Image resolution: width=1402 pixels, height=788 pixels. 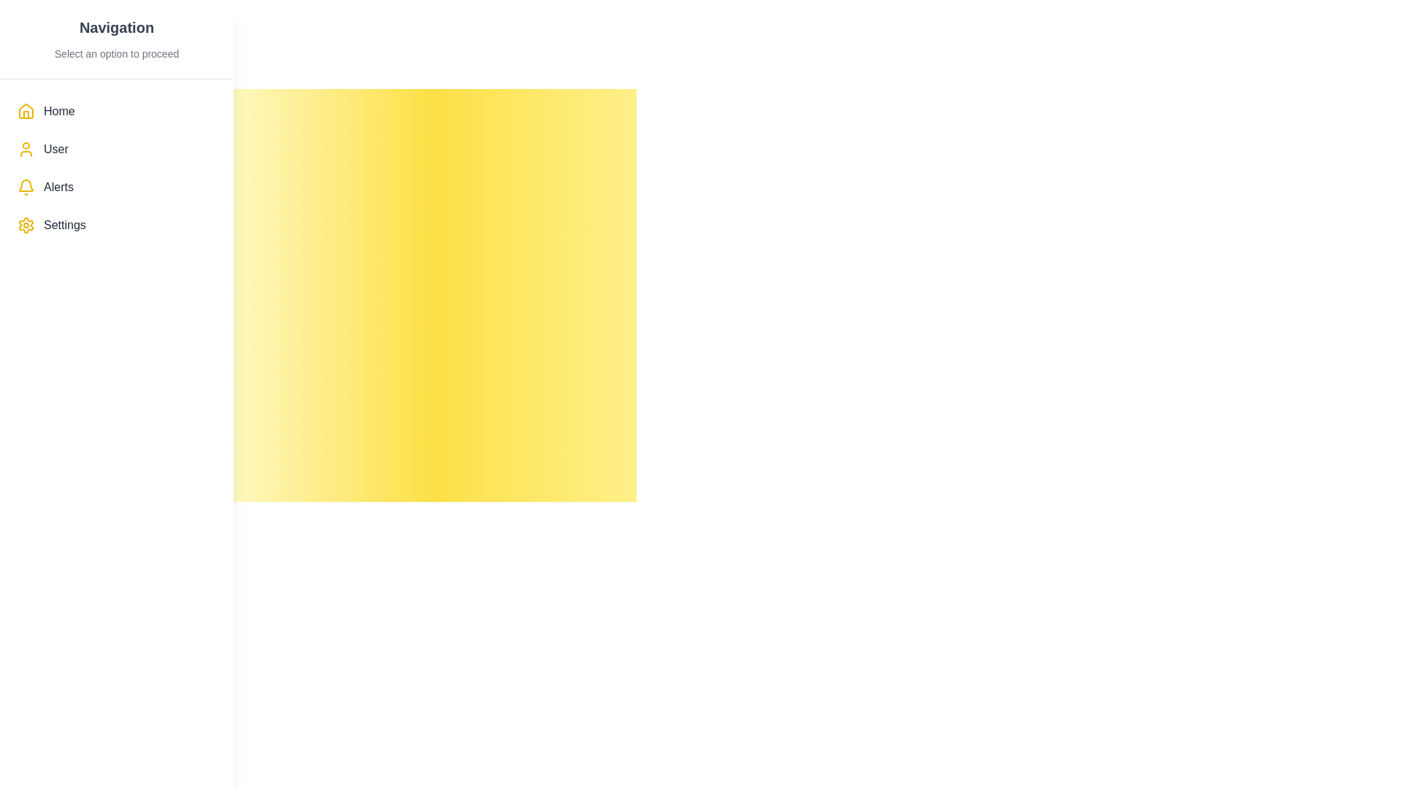 What do you see at coordinates (58, 187) in the screenshot?
I see `the 'Alerts' text label in the sidebar menu, which is the third item following 'Home' and 'User', and preceding 'Settings', accompanied by a bell icon` at bounding box center [58, 187].